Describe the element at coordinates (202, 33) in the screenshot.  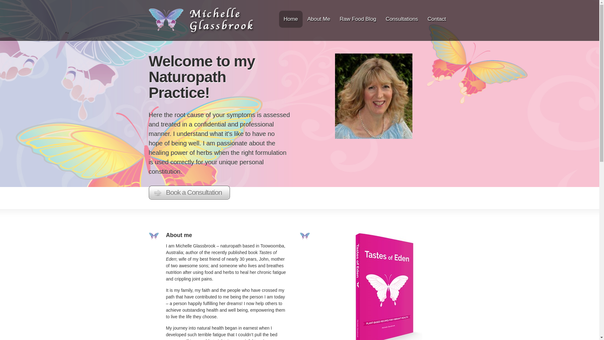
I see `'Home'` at that location.